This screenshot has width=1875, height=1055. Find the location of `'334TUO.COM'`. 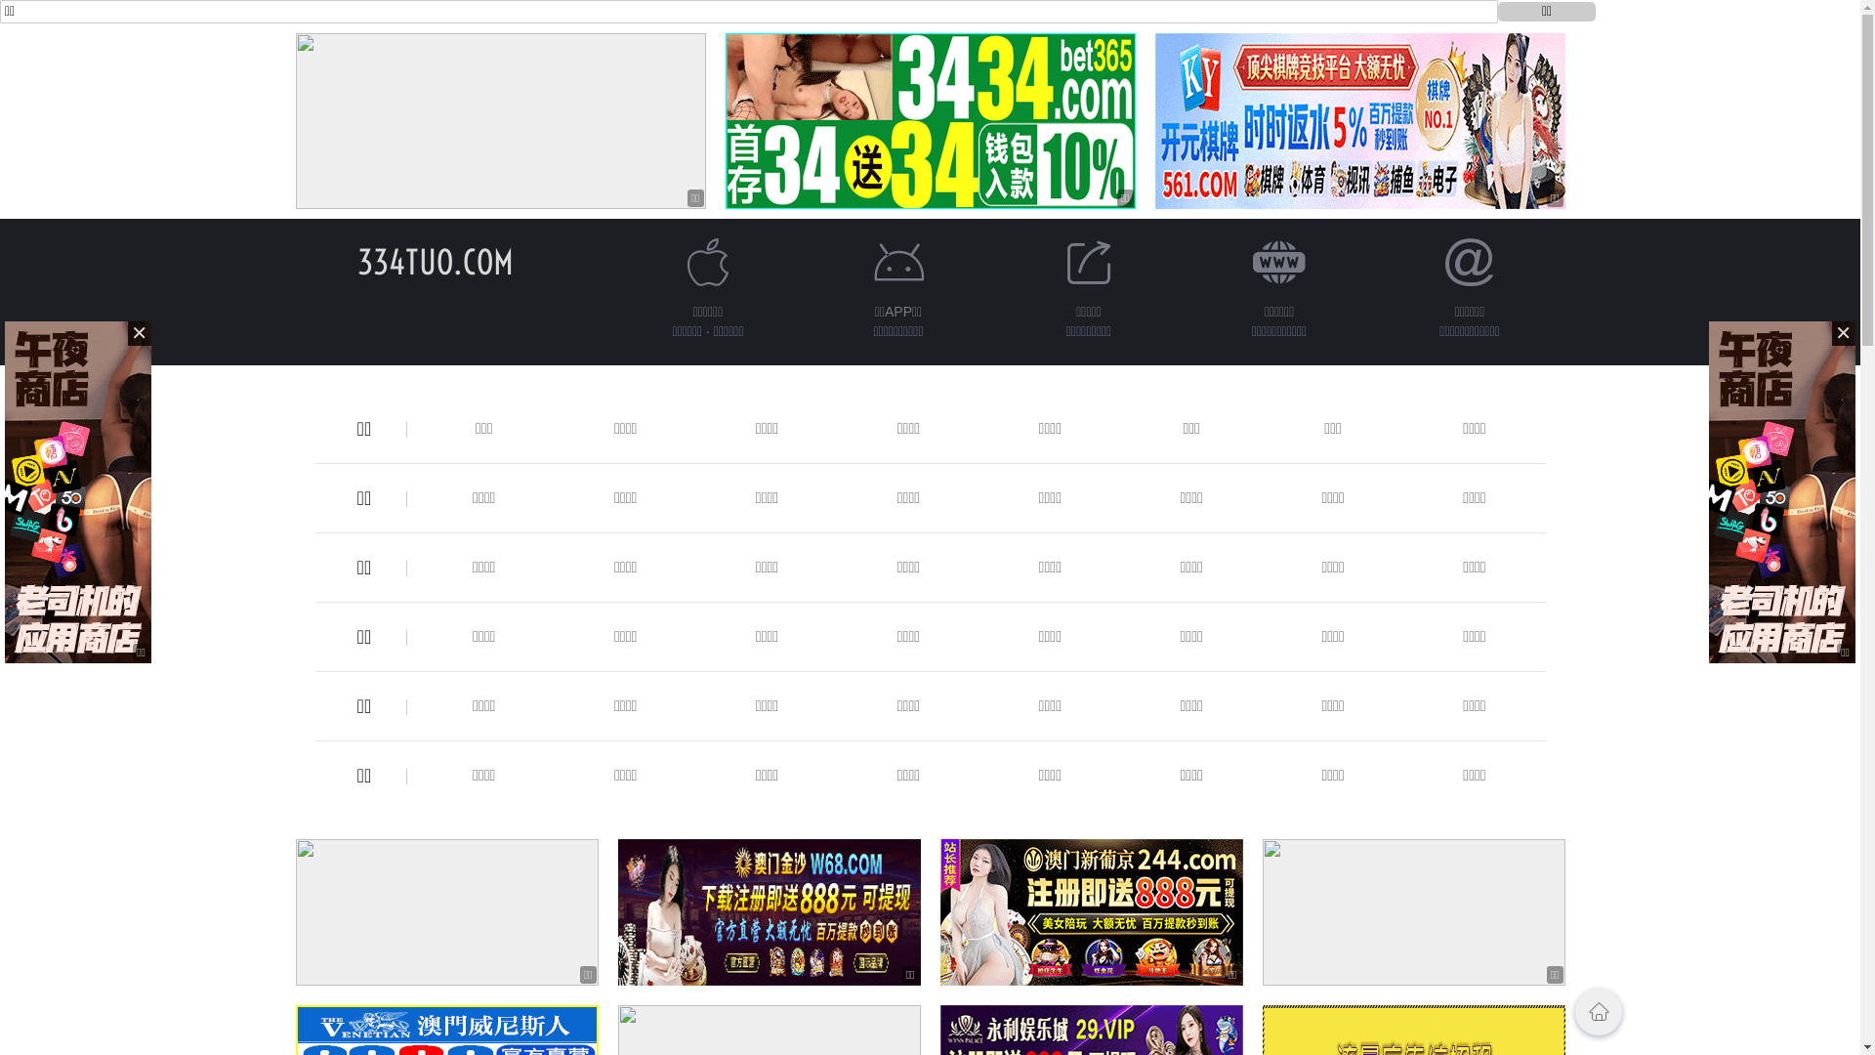

'334TUO.COM' is located at coordinates (435, 261).